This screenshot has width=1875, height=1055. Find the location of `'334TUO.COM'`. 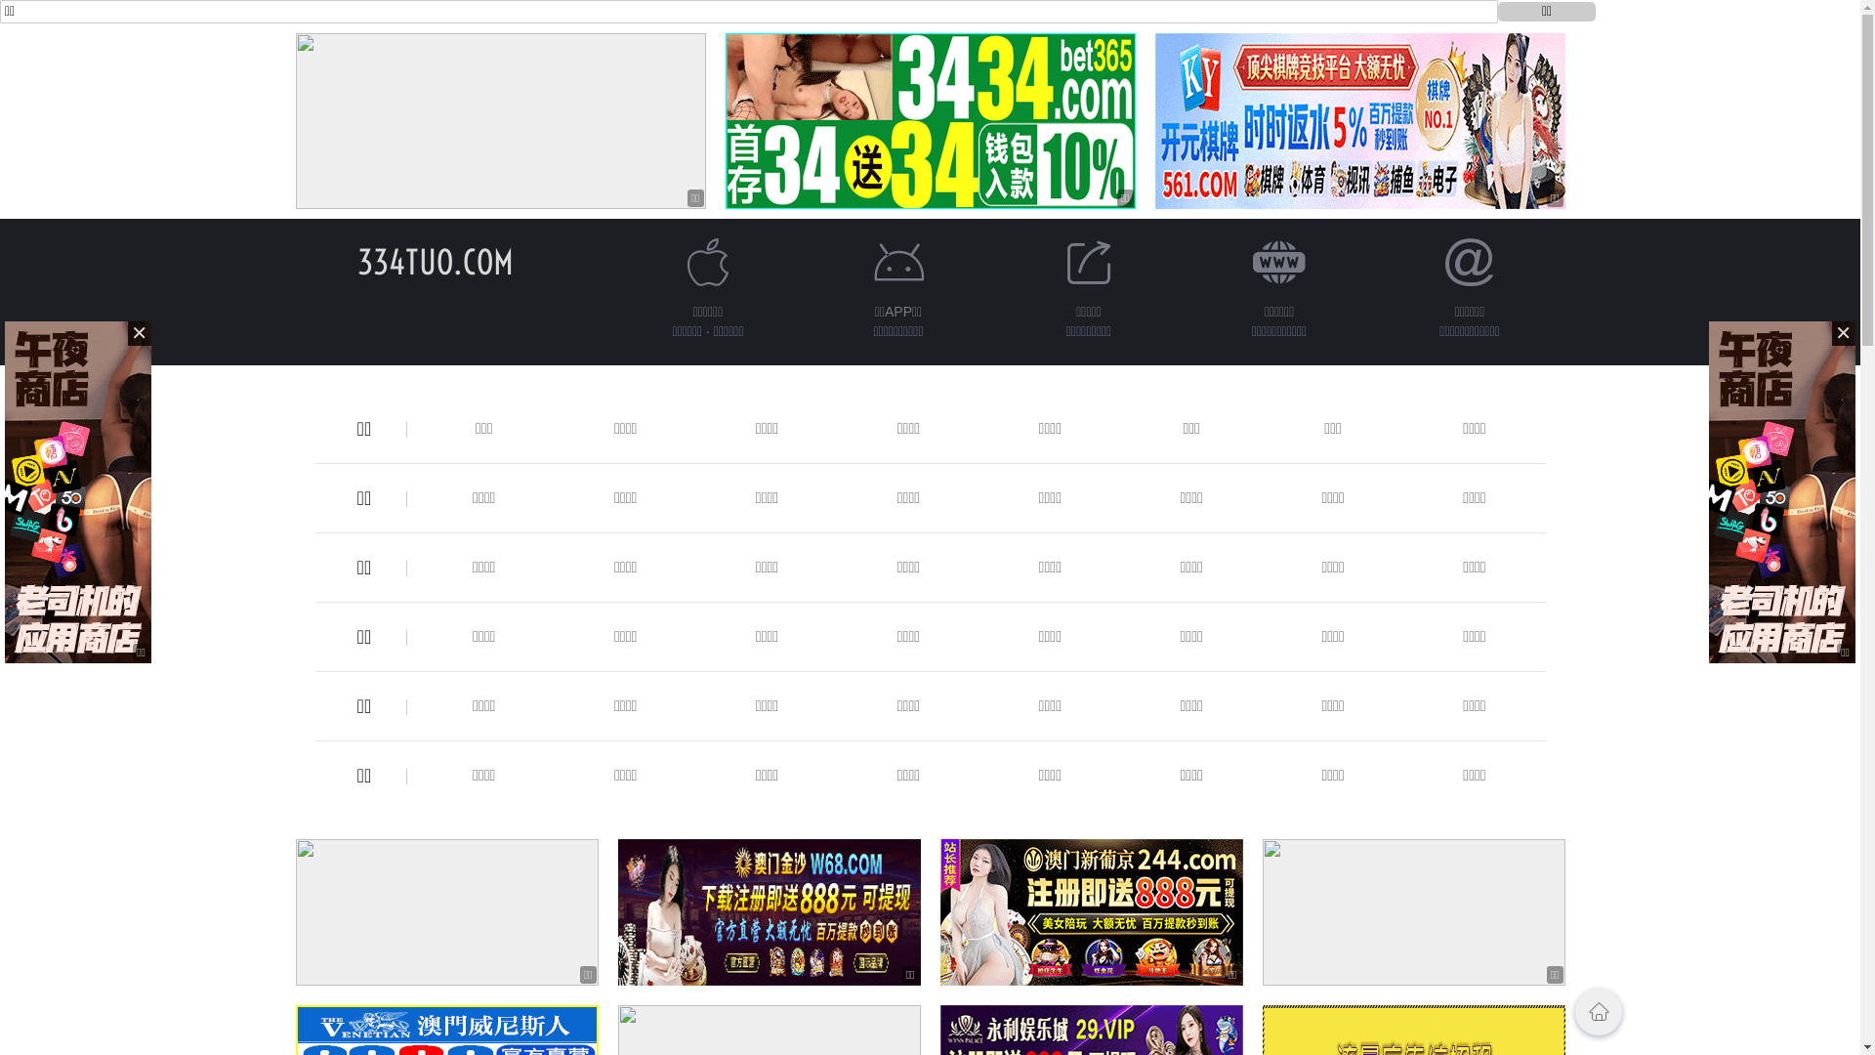

'334TUO.COM' is located at coordinates (435, 261).